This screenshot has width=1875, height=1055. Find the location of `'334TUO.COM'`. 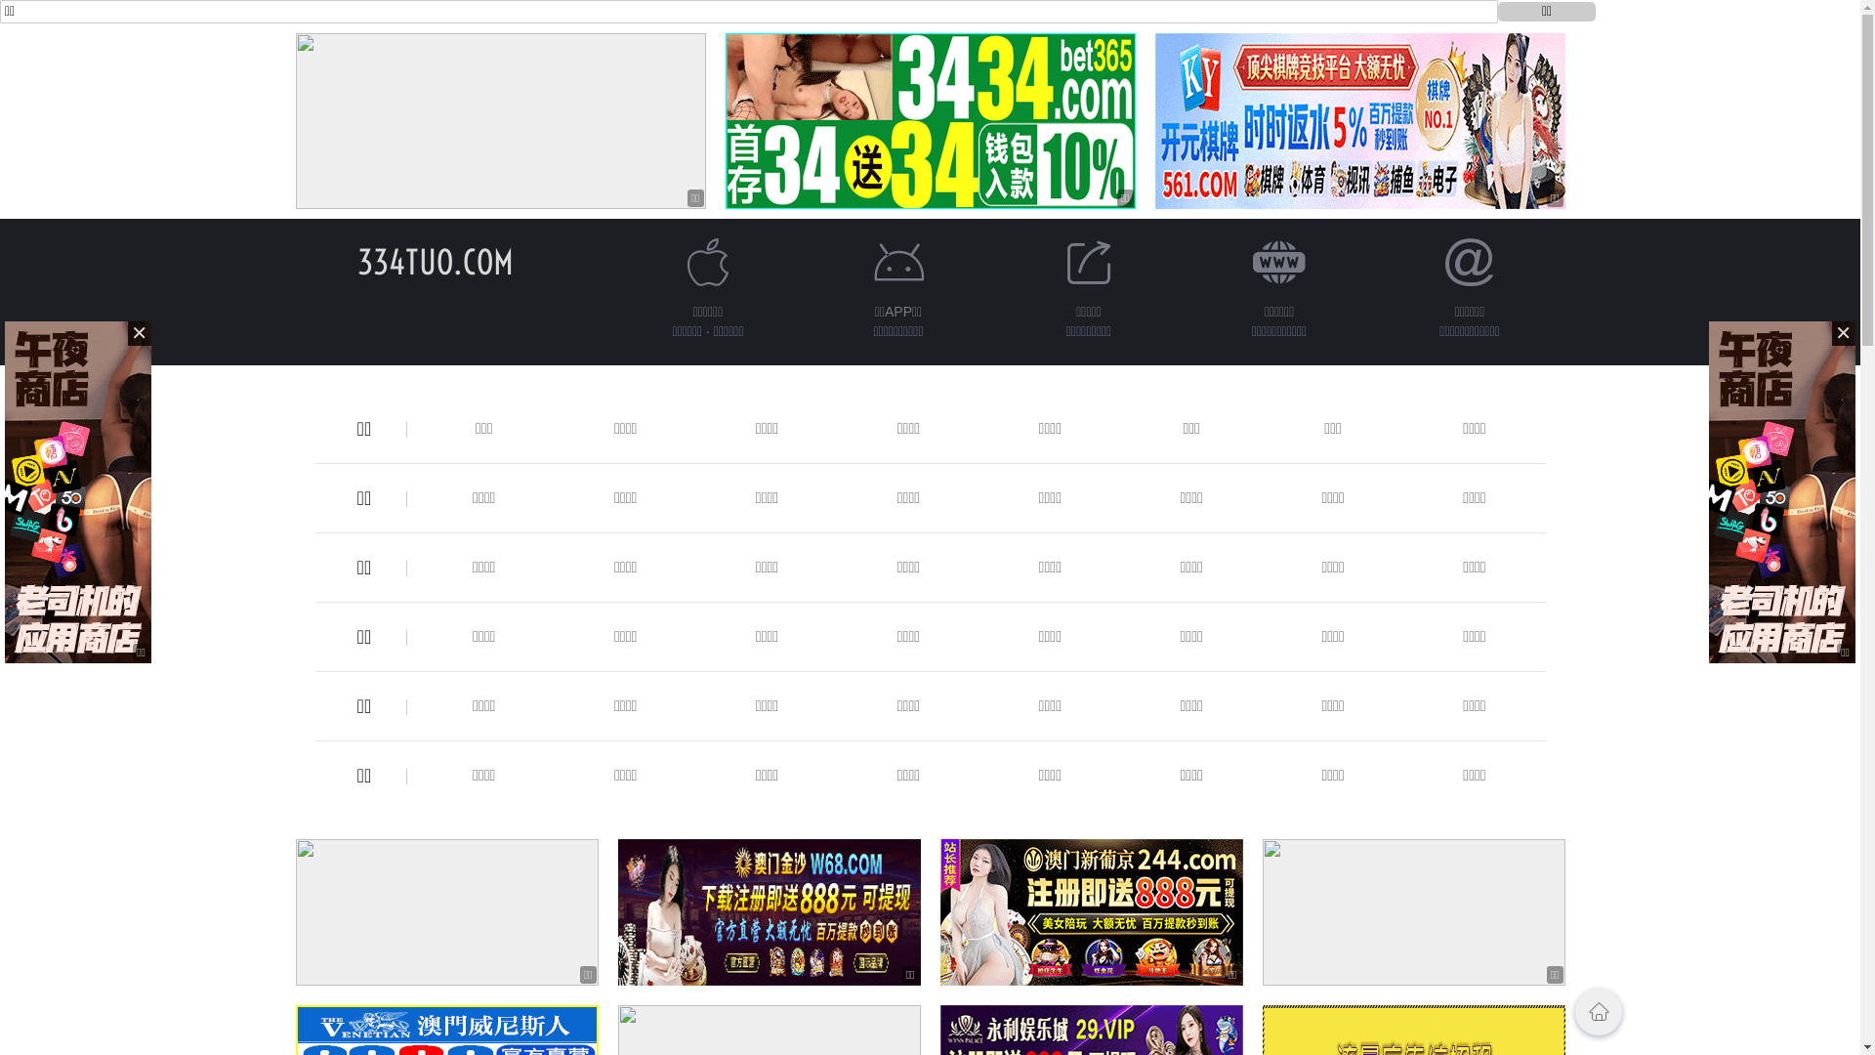

'334TUO.COM' is located at coordinates (435, 261).